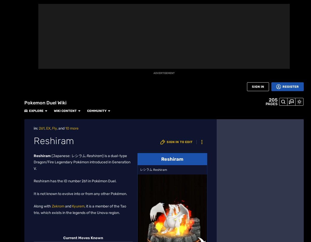  Describe the element at coordinates (138, 124) in the screenshot. I see `'Double Chance'` at that location.